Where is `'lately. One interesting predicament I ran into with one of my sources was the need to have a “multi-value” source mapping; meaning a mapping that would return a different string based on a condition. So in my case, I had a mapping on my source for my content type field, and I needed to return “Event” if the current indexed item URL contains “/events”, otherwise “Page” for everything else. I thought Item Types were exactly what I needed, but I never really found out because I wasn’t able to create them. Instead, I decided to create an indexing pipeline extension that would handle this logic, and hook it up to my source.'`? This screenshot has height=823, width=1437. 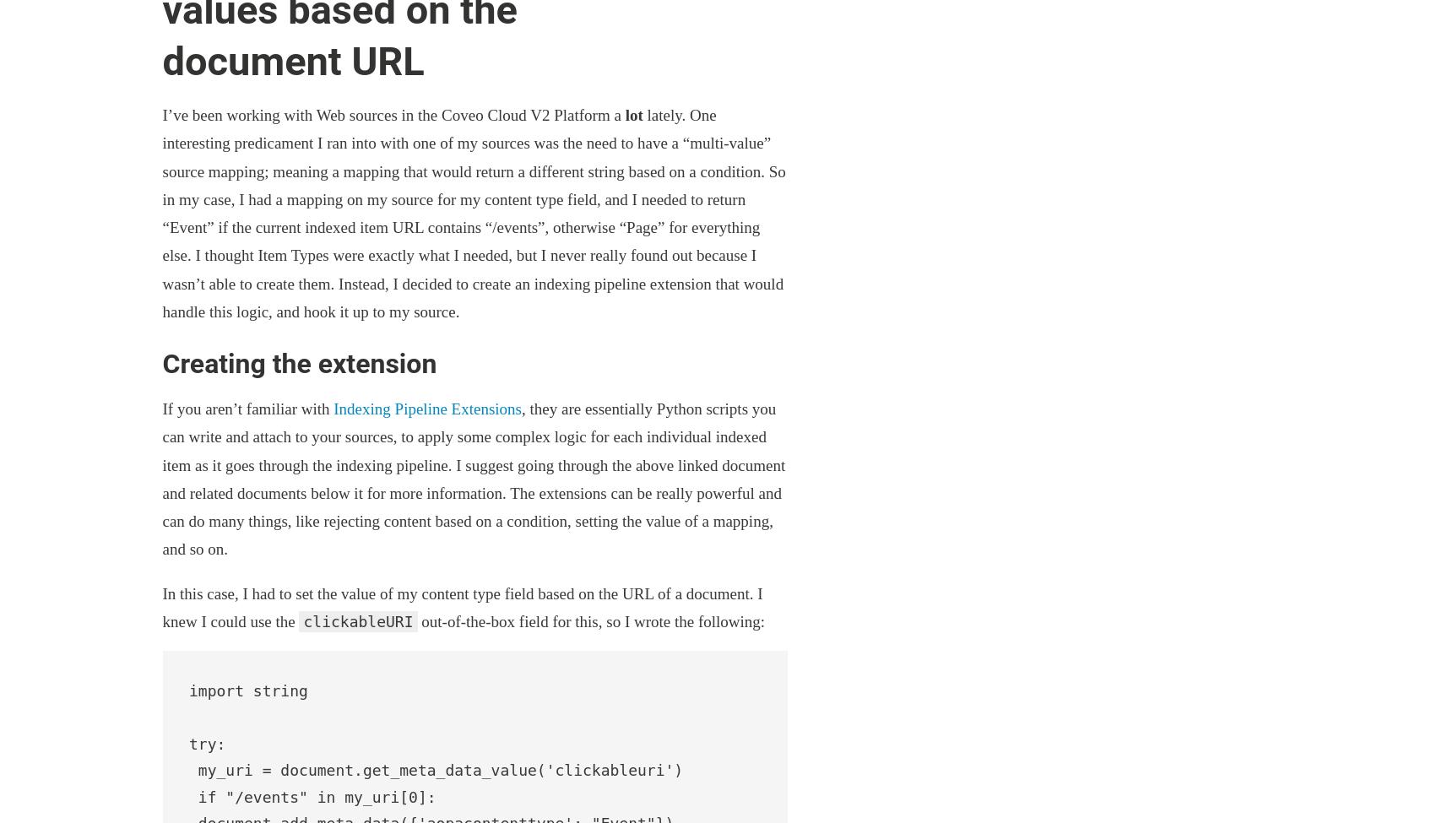 'lately. One interesting predicament I ran into with one of my sources was the need to have a “multi-value” source mapping; meaning a mapping that would return a different string based on a condition. So in my case, I had a mapping on my source for my content type field, and I needed to return “Event” if the current indexed item URL contains “/events”, otherwise “Page” for everything else. I thought Item Types were exactly what I needed, but I never really found out because I wasn’t able to create them. Instead, I decided to create an indexing pipeline extension that would handle this logic, and hook it up to my source.' is located at coordinates (472, 213).